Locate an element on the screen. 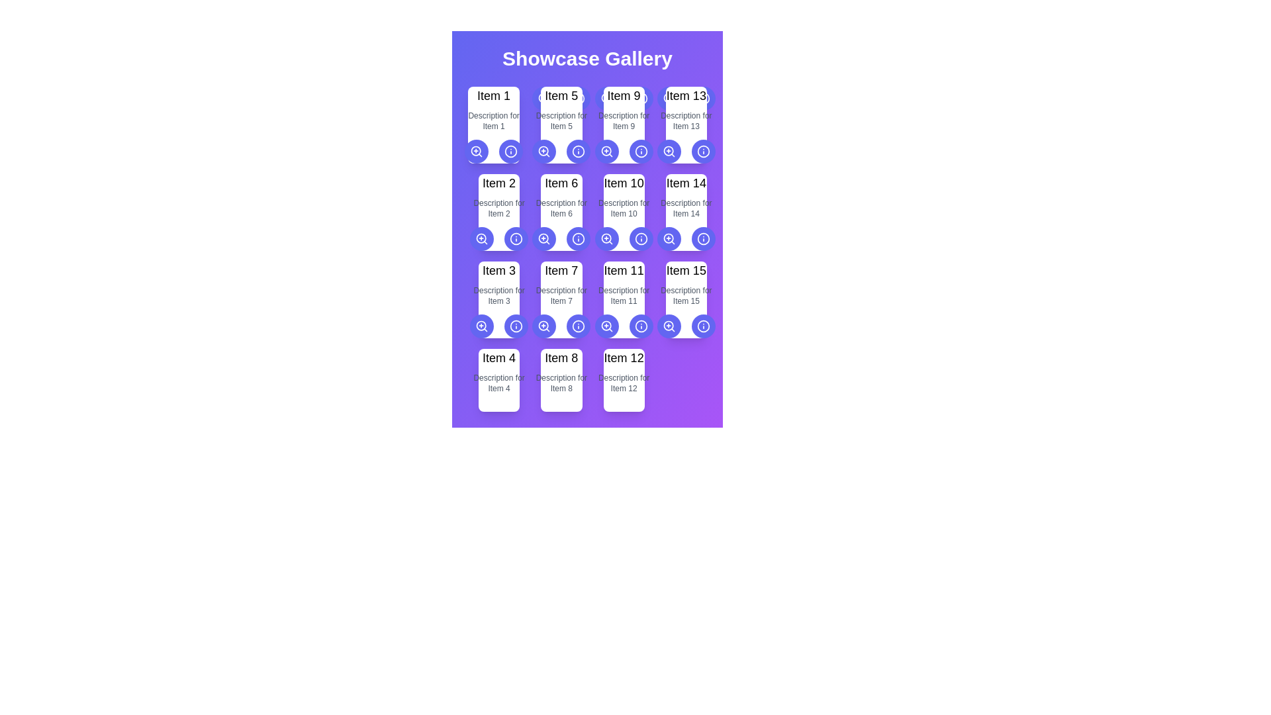 Image resolution: width=1271 pixels, height=715 pixels. the second icon in the 'Item 6' panel is located at coordinates (579, 239).